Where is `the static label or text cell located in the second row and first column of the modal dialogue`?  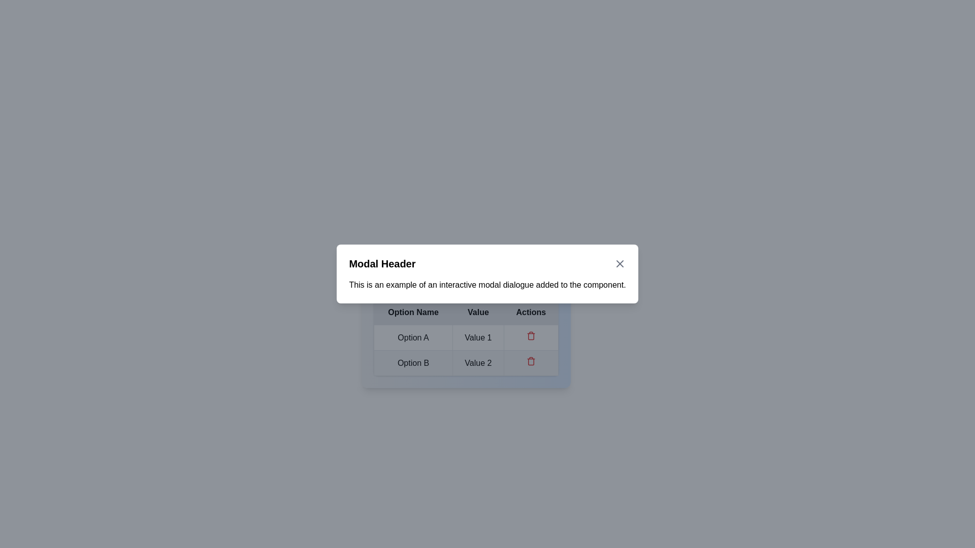
the static label or text cell located in the second row and first column of the modal dialogue is located at coordinates (413, 362).